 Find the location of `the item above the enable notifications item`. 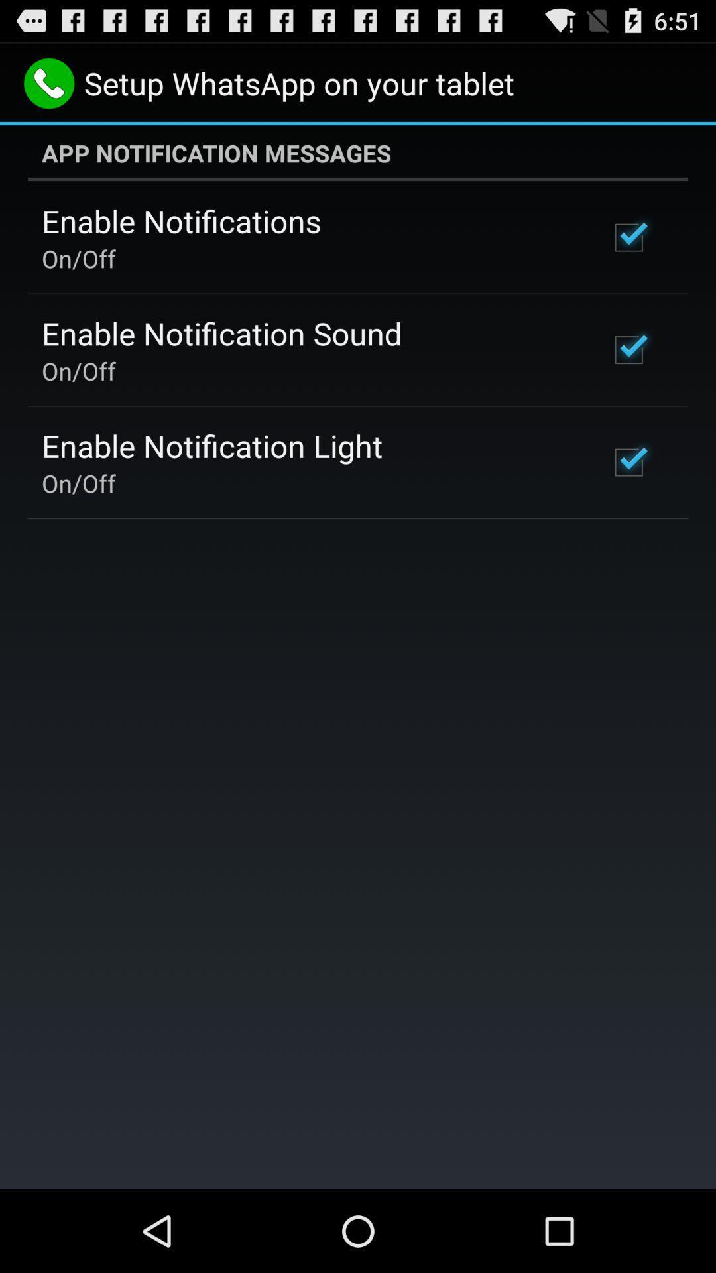

the item above the enable notifications item is located at coordinates (358, 152).